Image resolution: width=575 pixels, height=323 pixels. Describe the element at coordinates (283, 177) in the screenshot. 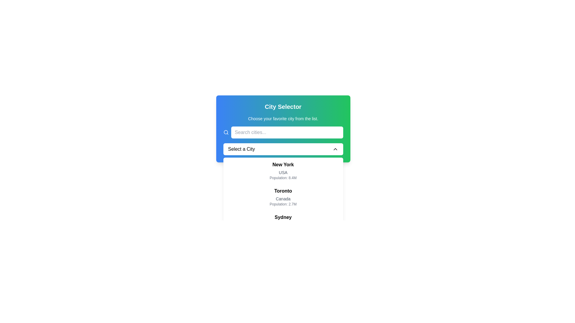

I see `the static text label that displays demographic data about the selected city, located below the 'USA' text in the city selection dropdown` at that location.